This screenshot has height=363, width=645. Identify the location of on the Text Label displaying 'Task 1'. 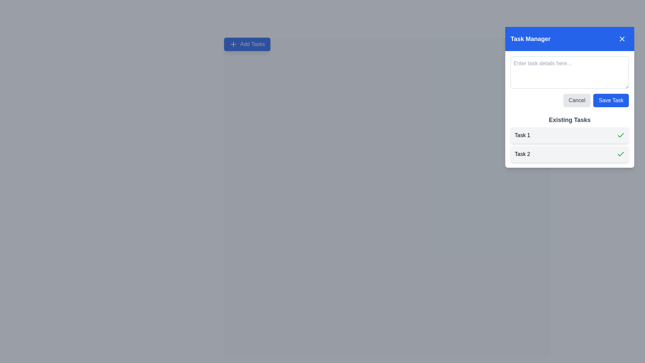
(522, 135).